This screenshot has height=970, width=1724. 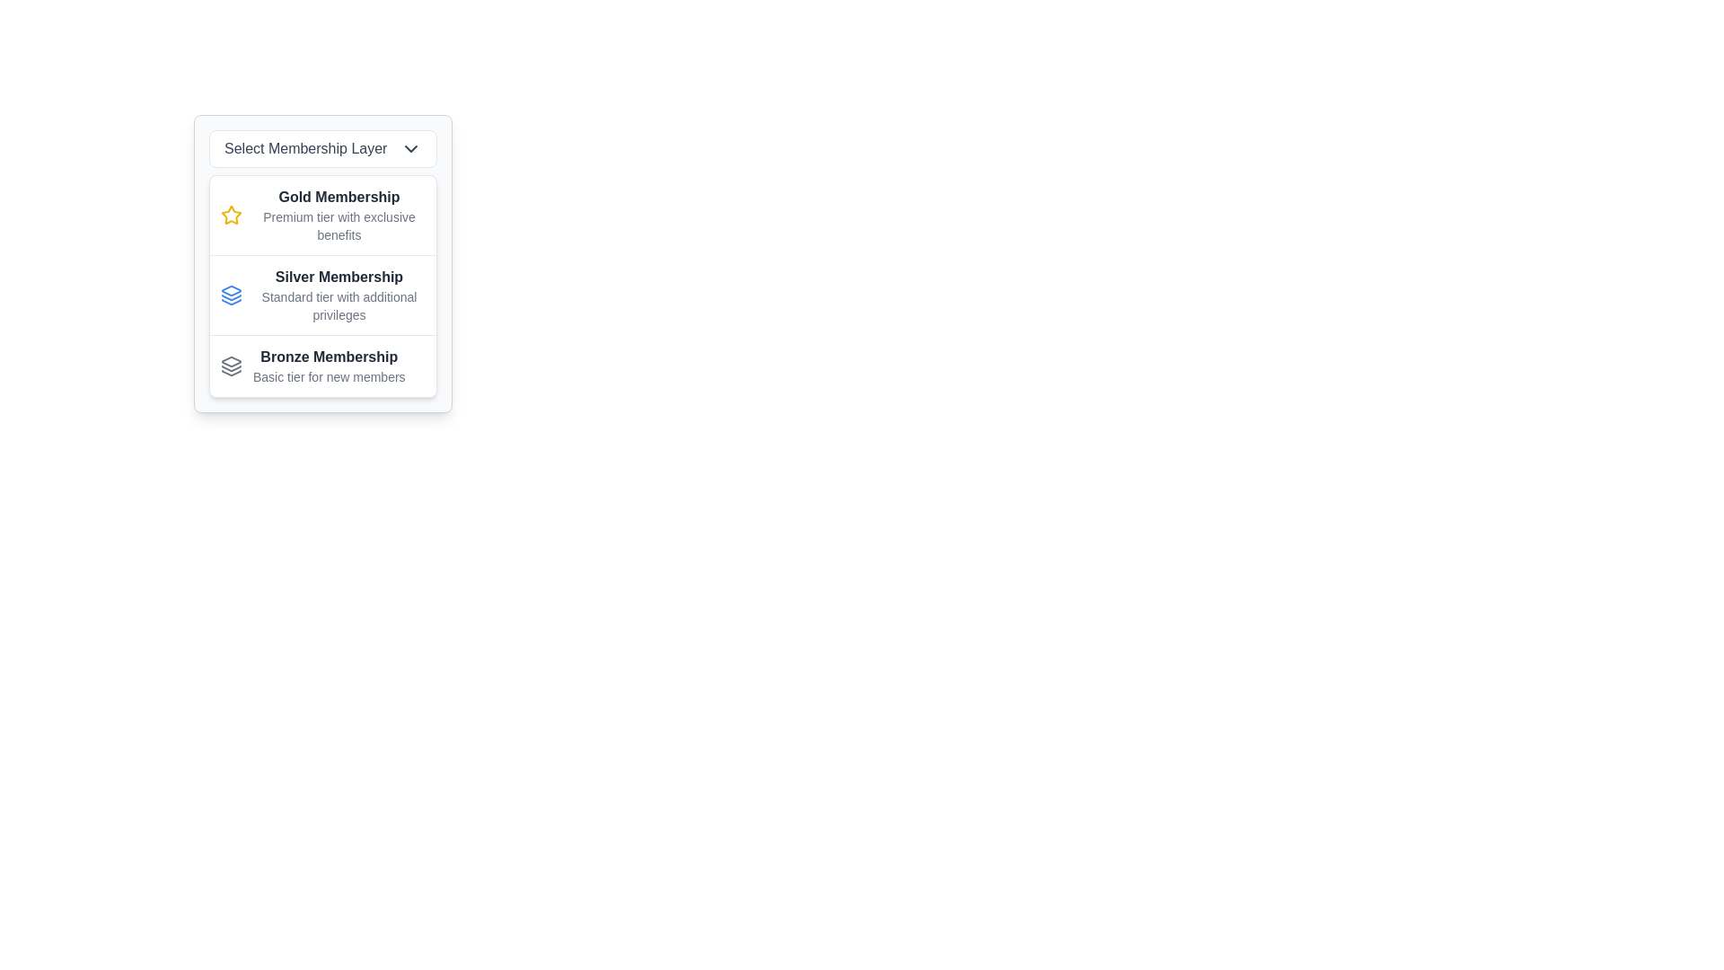 I want to click on the 'Silver Membership' label, which is the second item in the vertically stacked list of membership options in the dropdown interface, so click(x=339, y=277).